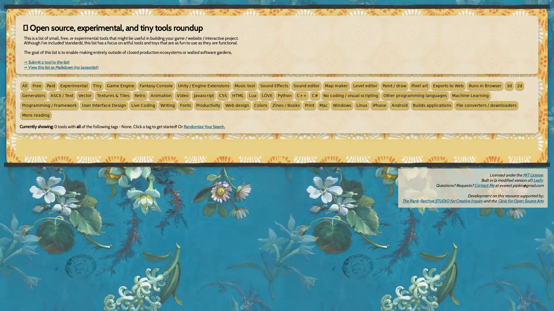 Image resolution: width=554 pixels, height=311 pixels. What do you see at coordinates (143, 105) in the screenshot?
I see `Live Coding` at bounding box center [143, 105].